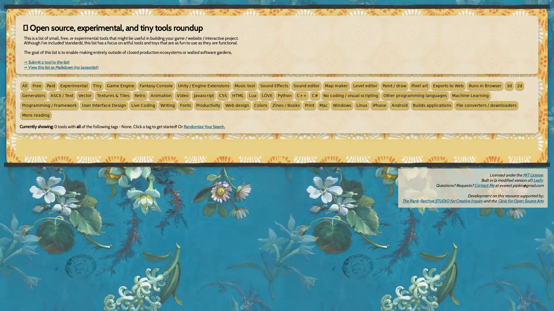 Image resolution: width=554 pixels, height=311 pixels. What do you see at coordinates (143, 105) in the screenshot?
I see `Live Coding` at bounding box center [143, 105].